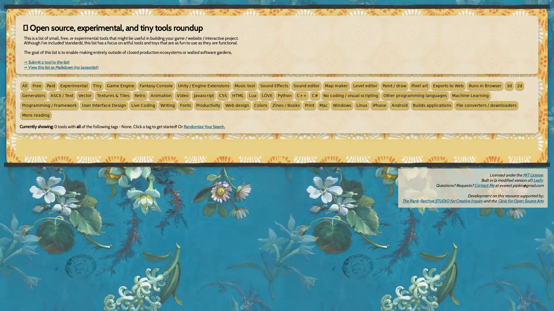 Image resolution: width=554 pixels, height=311 pixels. What do you see at coordinates (143, 105) in the screenshot?
I see `Live Coding` at bounding box center [143, 105].